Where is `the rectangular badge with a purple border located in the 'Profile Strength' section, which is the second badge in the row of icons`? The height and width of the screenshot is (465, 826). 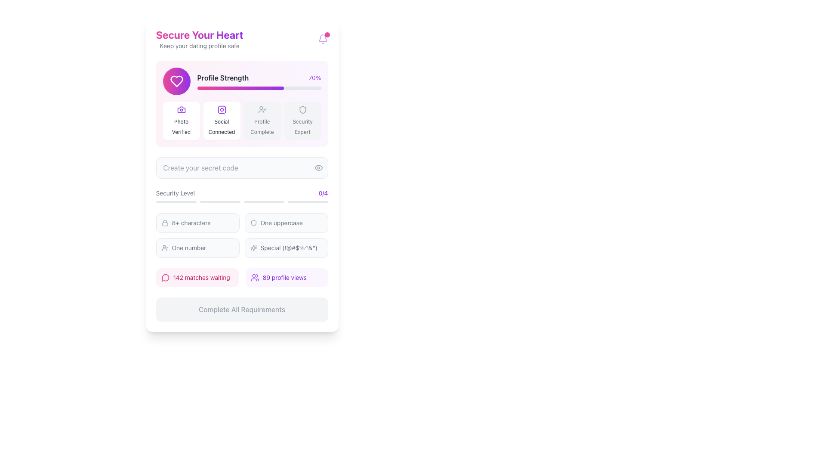 the rectangular badge with a purple border located in the 'Profile Strength' section, which is the second badge in the row of icons is located at coordinates (222, 109).